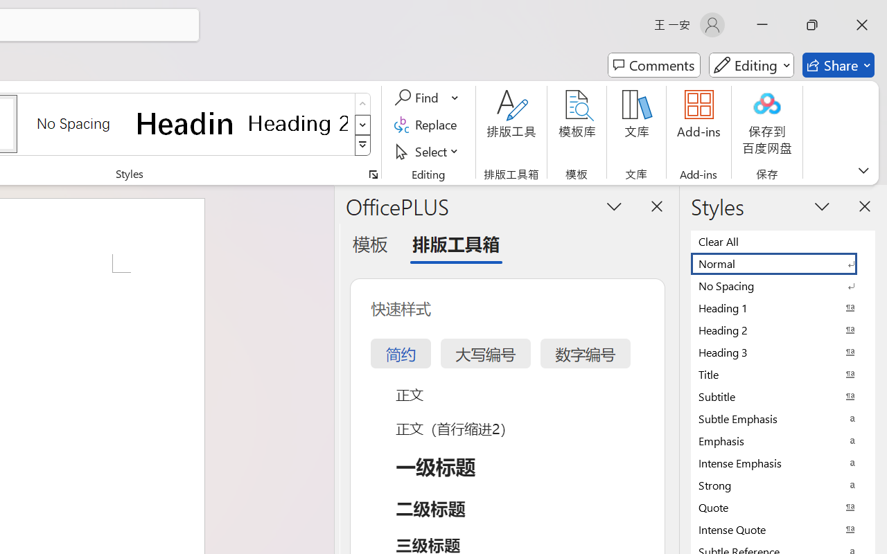 The height and width of the screenshot is (554, 887). I want to click on 'Minimize', so click(762, 24).